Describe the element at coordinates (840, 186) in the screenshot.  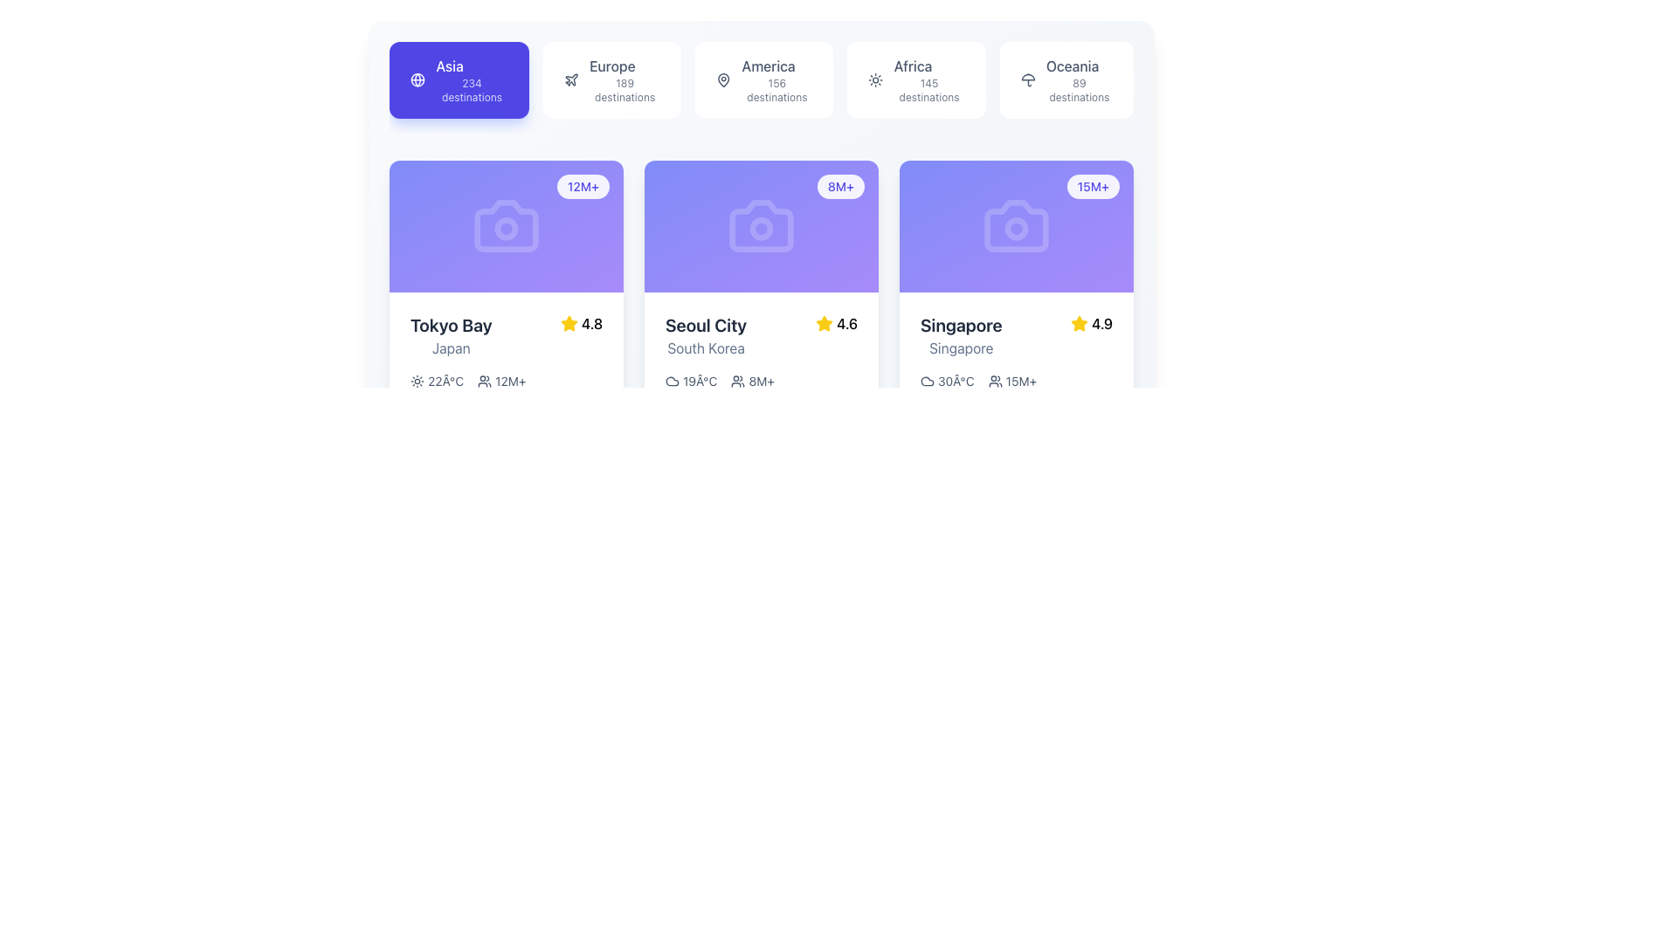
I see `the indigo-colored label displaying '8M+' located at the top-right corner of the Seoul City card` at that location.